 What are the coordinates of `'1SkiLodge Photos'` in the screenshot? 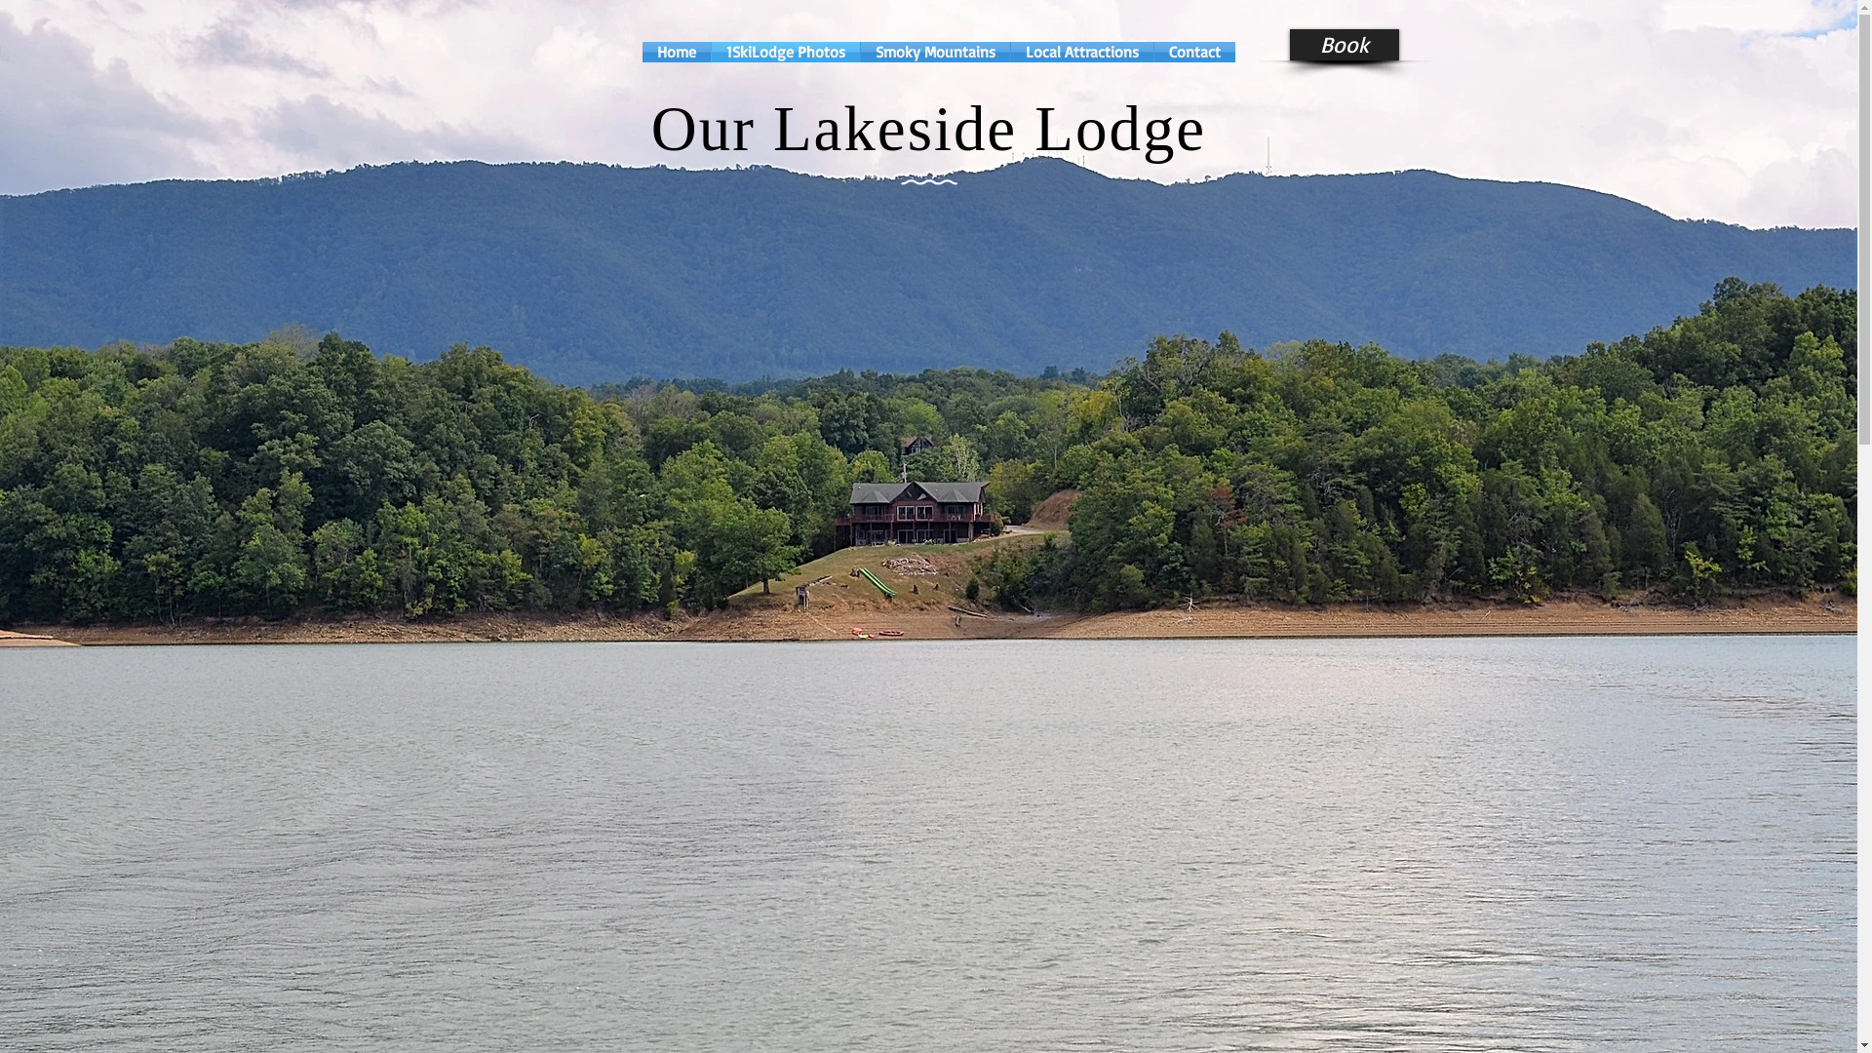 It's located at (786, 51).